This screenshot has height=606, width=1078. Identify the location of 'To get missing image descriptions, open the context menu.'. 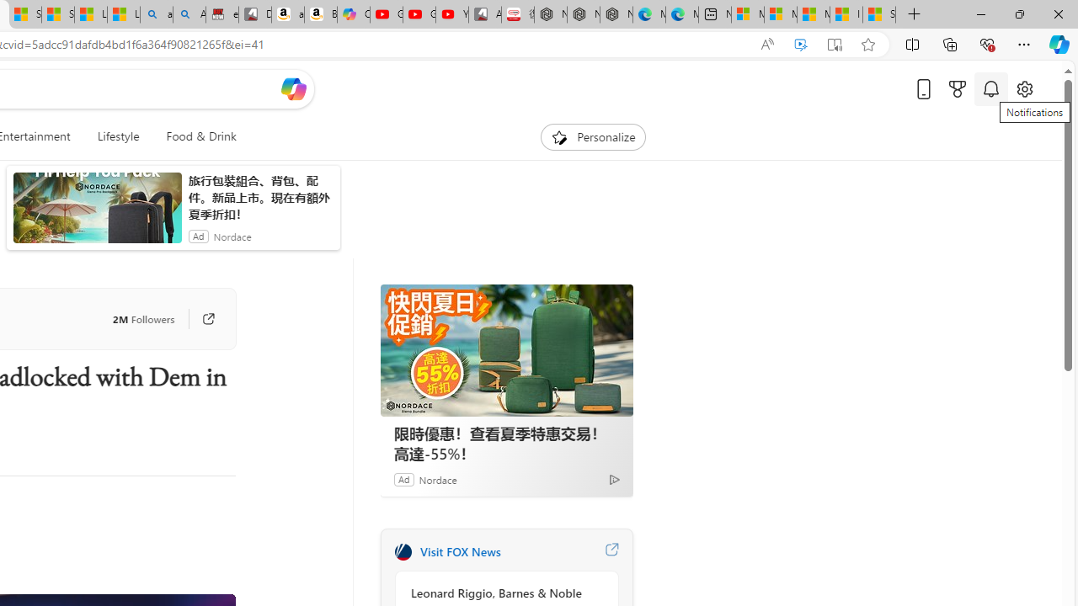
(559, 136).